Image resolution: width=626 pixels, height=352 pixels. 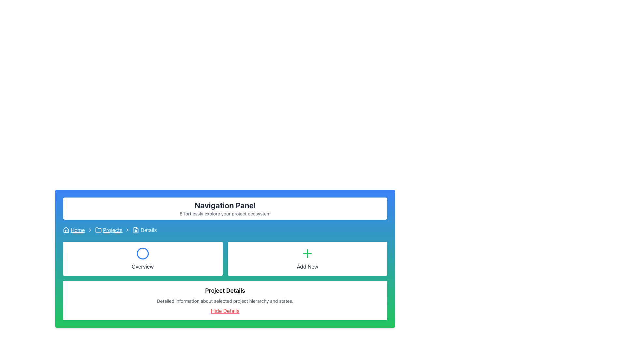 I want to click on the Chevron icon that serves as a breadcrumb separator between 'Home' and 'Projects' in the breadcrumb navigation bar, so click(x=90, y=229).